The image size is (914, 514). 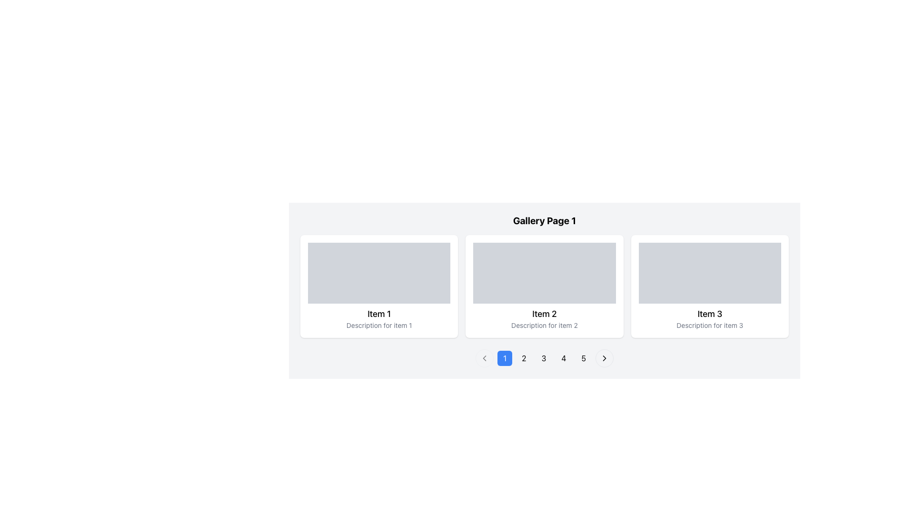 What do you see at coordinates (544, 358) in the screenshot?
I see `the pagination button labeled '3' to observe the background color change to light gray` at bounding box center [544, 358].